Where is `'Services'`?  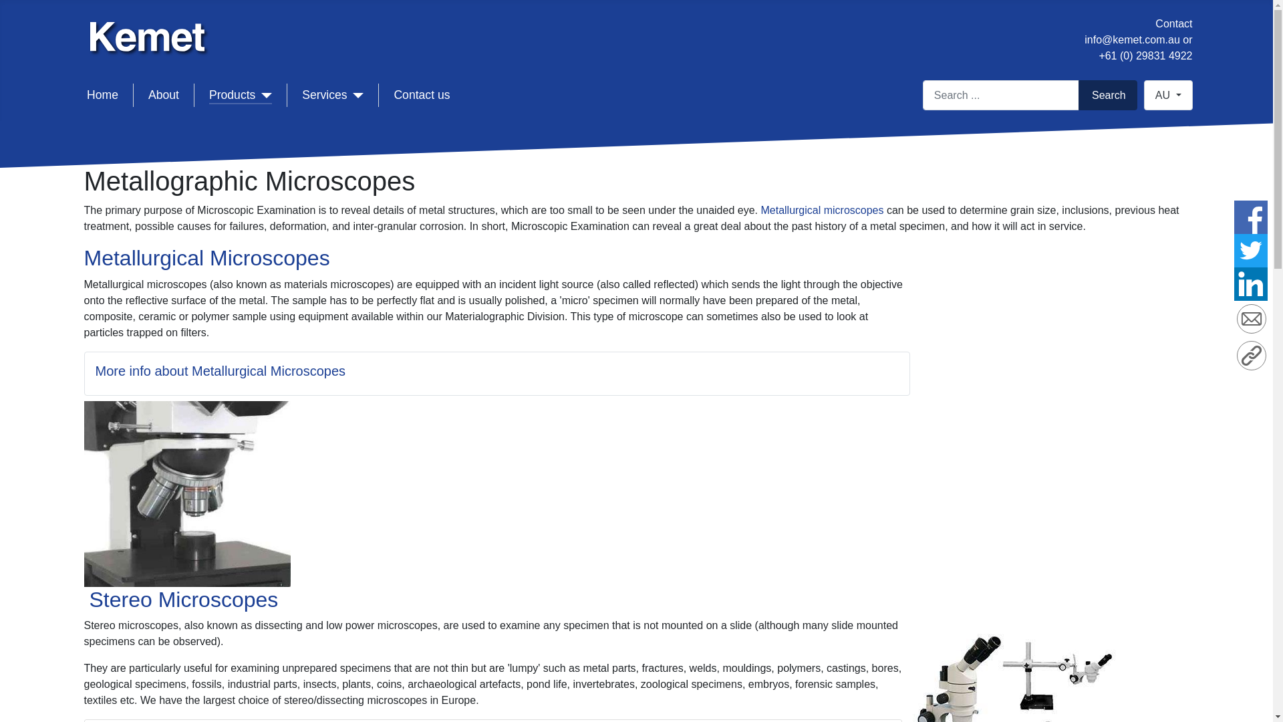
'Services' is located at coordinates (333, 94).